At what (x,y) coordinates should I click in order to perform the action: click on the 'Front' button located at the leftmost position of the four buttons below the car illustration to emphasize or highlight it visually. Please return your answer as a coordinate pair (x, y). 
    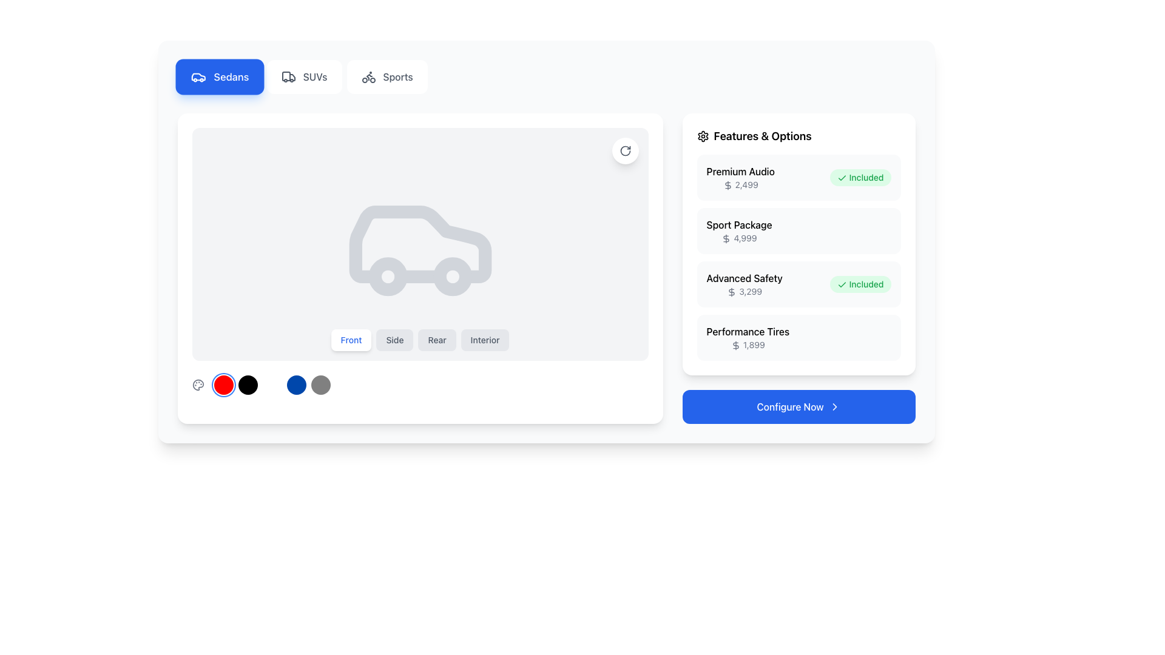
    Looking at the image, I should click on (351, 340).